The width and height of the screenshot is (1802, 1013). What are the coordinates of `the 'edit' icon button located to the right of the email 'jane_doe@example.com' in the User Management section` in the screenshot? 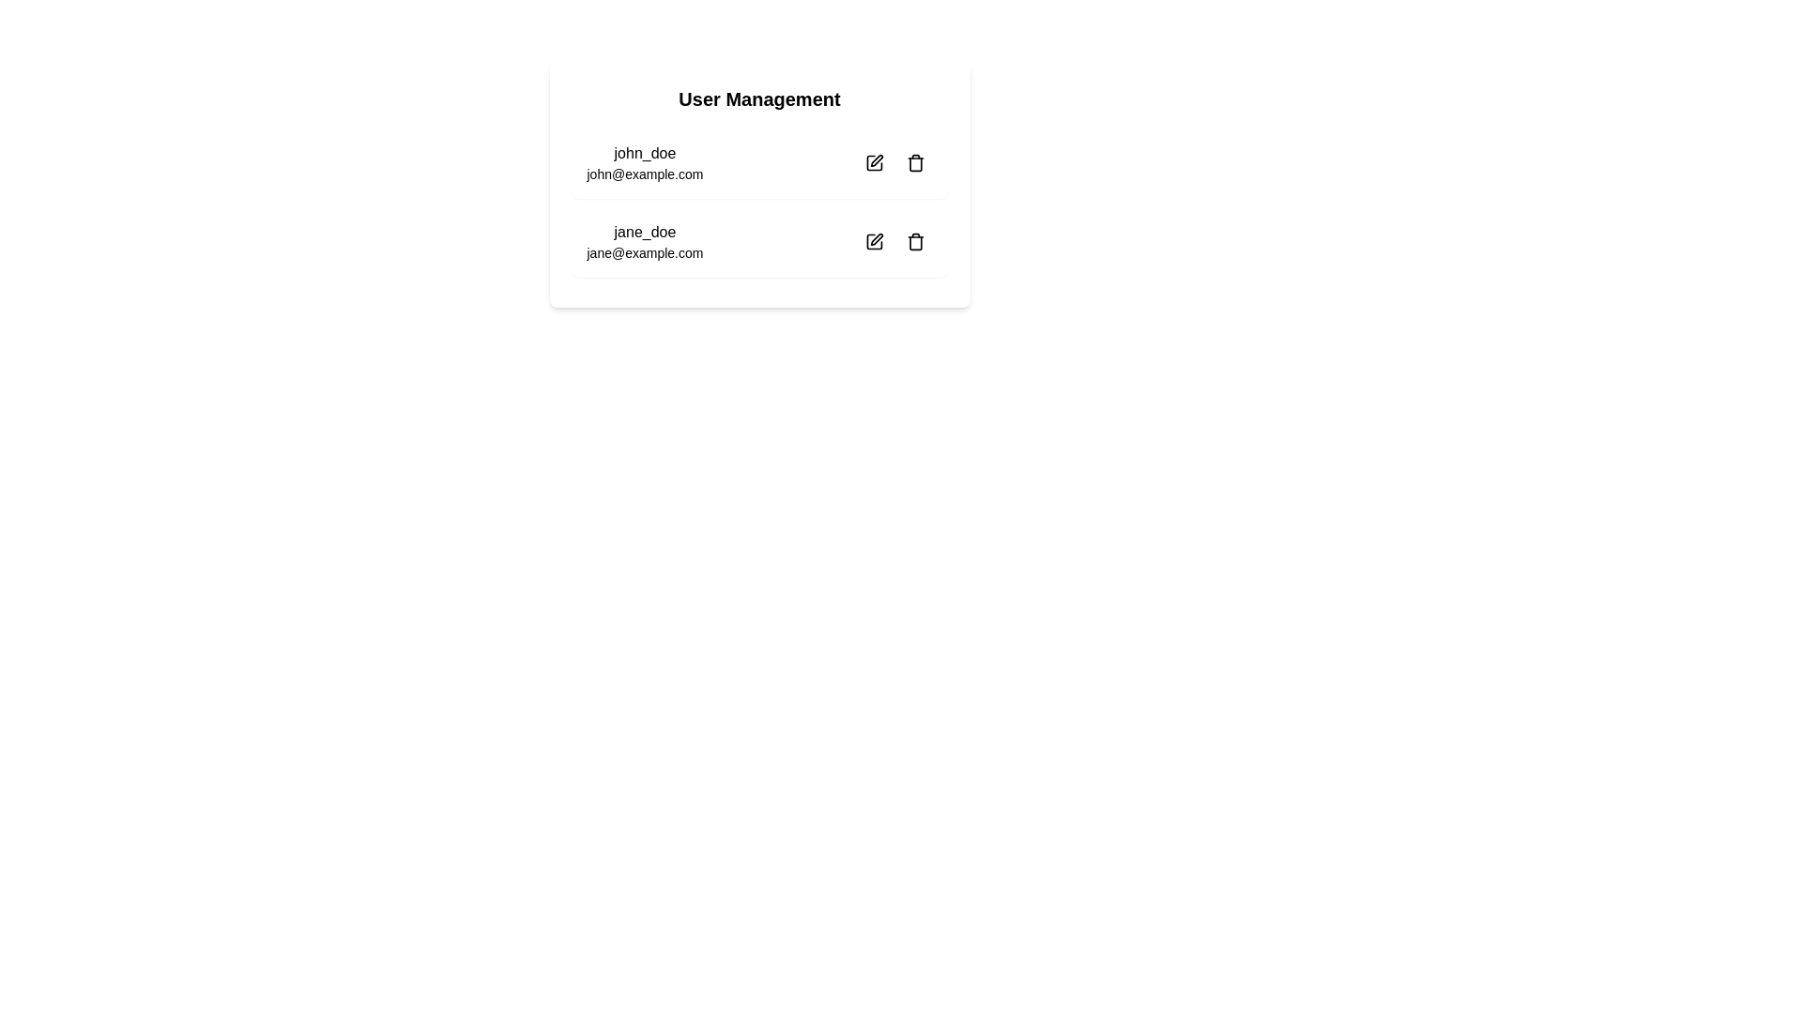 It's located at (876, 238).